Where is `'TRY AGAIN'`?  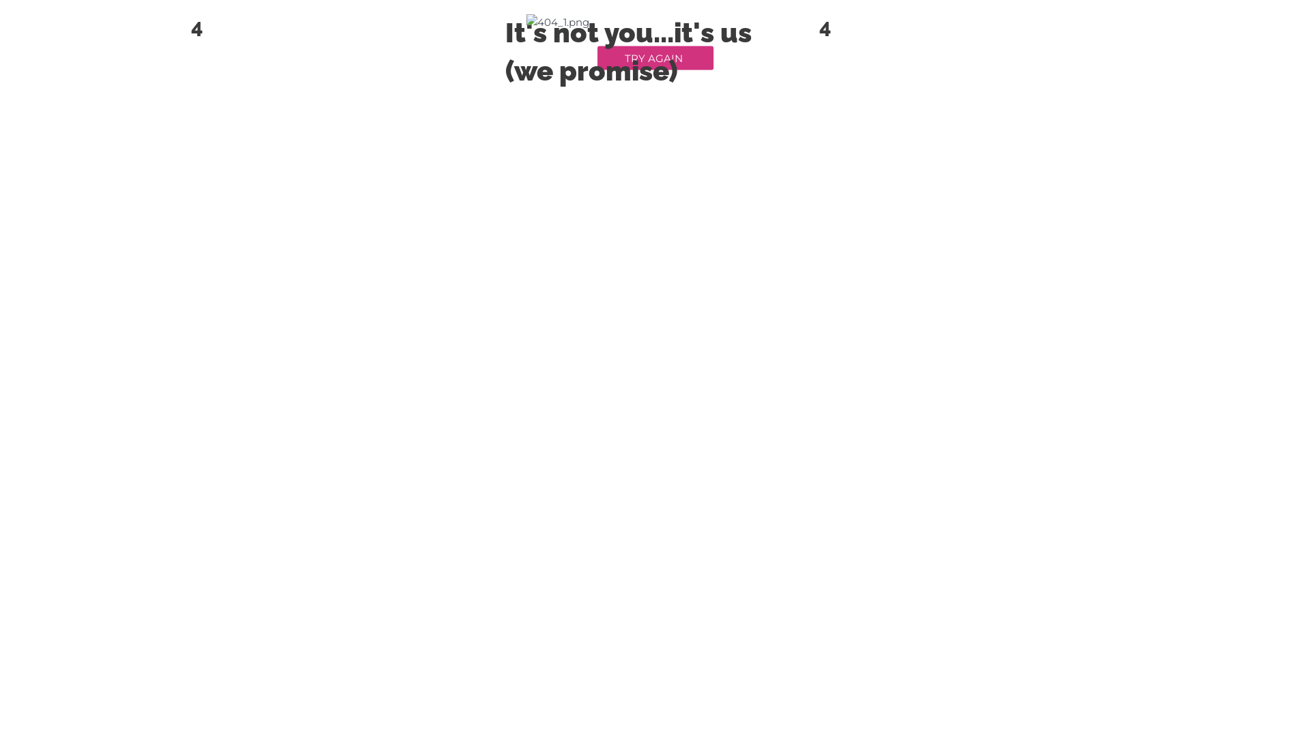
'TRY AGAIN' is located at coordinates (655, 57).